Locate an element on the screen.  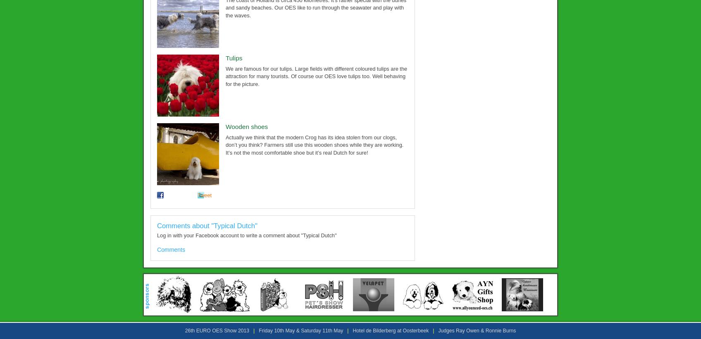
'26th EURO OES Show 2013' is located at coordinates (217, 330).